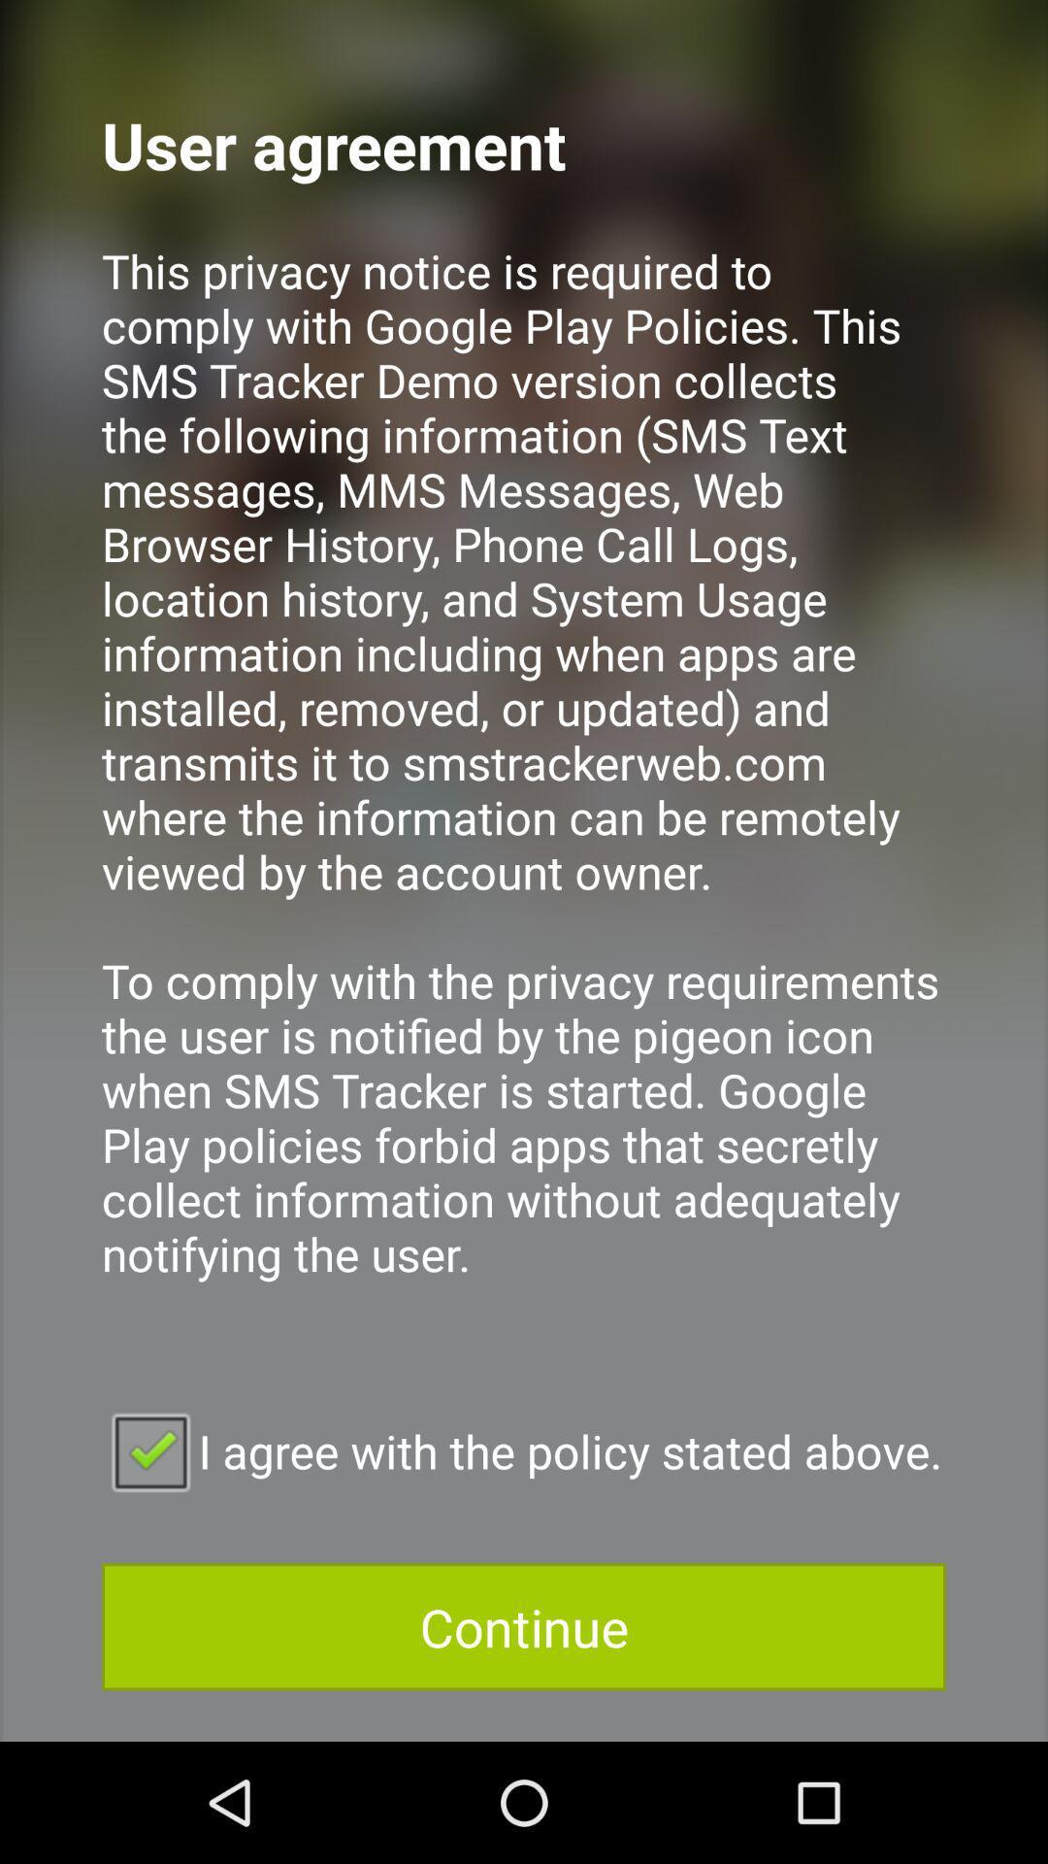 The image size is (1048, 1864). Describe the element at coordinates (524, 788) in the screenshot. I see `this privacy notice icon` at that location.